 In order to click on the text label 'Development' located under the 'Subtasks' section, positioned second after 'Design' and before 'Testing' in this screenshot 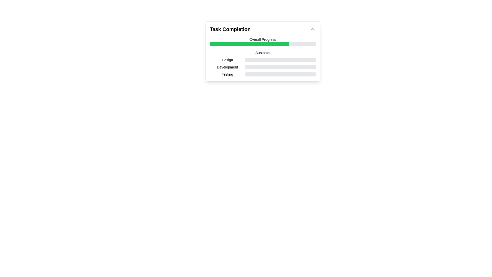, I will do `click(227, 67)`.